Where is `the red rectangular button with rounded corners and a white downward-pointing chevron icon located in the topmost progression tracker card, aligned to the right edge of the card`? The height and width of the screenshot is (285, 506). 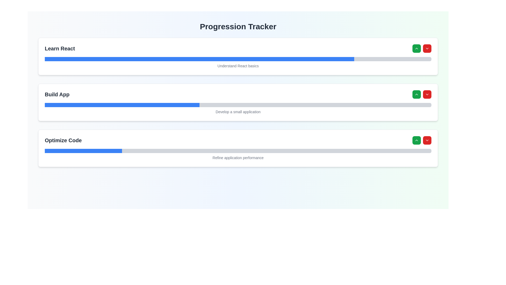
the red rectangular button with rounded corners and a white downward-pointing chevron icon located in the topmost progression tracker card, aligned to the right edge of the card is located at coordinates (427, 49).